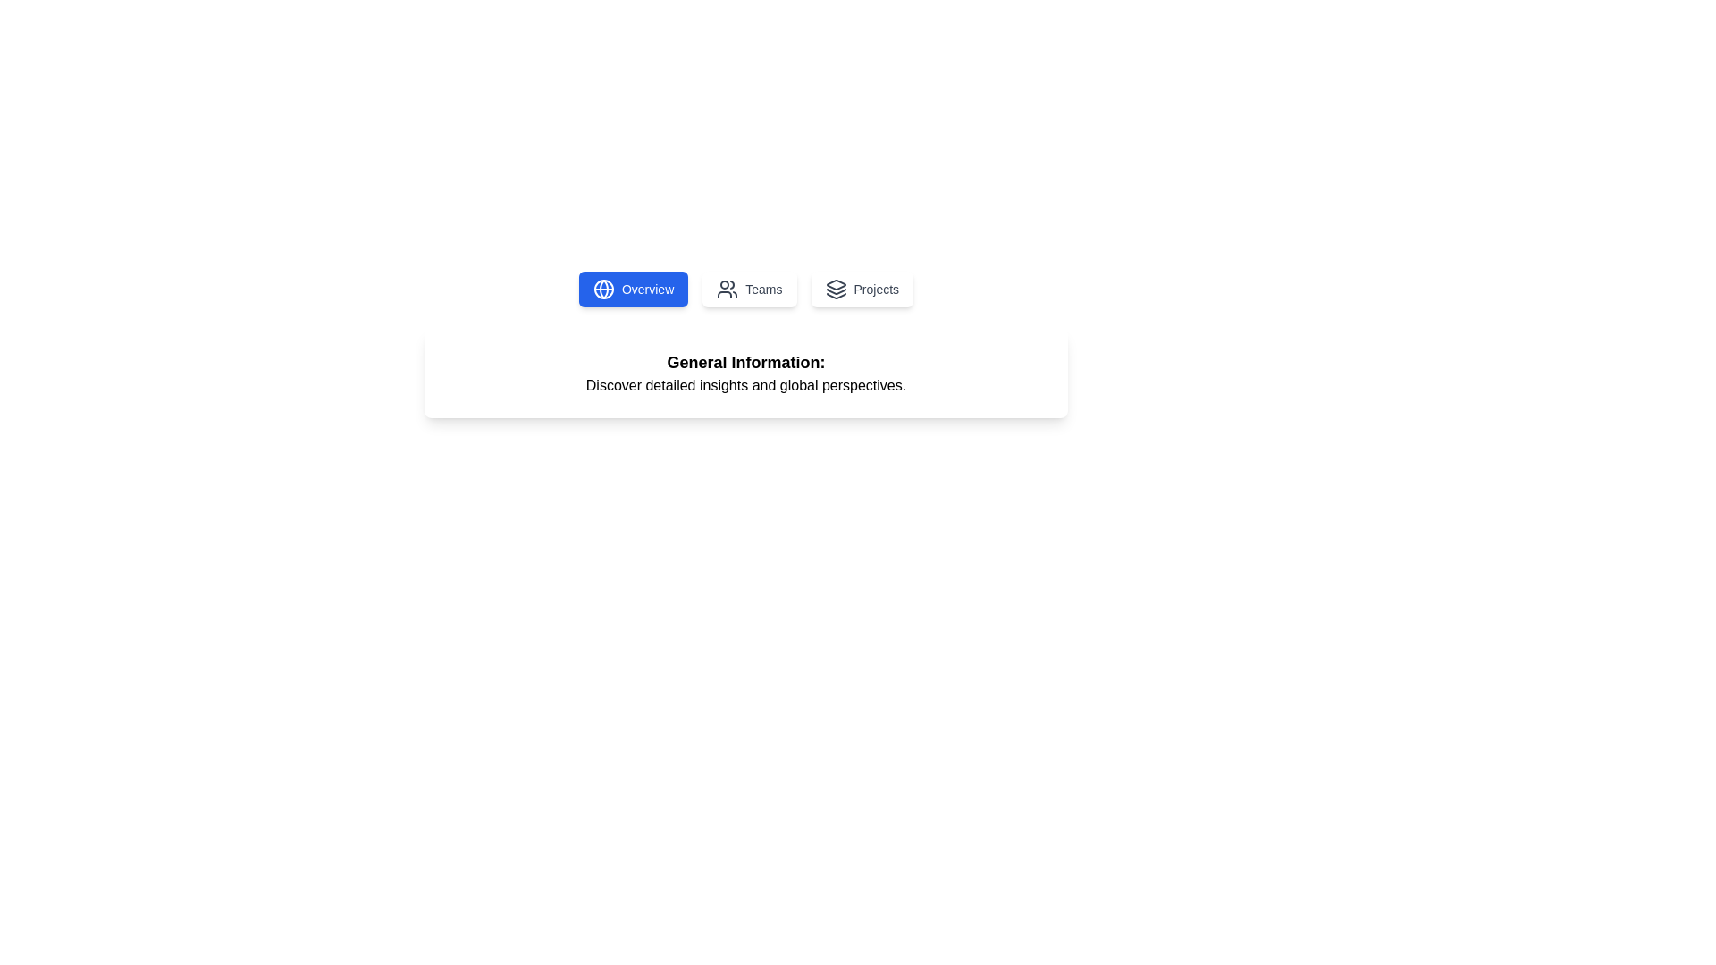  What do you see at coordinates (749, 289) in the screenshot?
I see `the 'Teams' navigation button` at bounding box center [749, 289].